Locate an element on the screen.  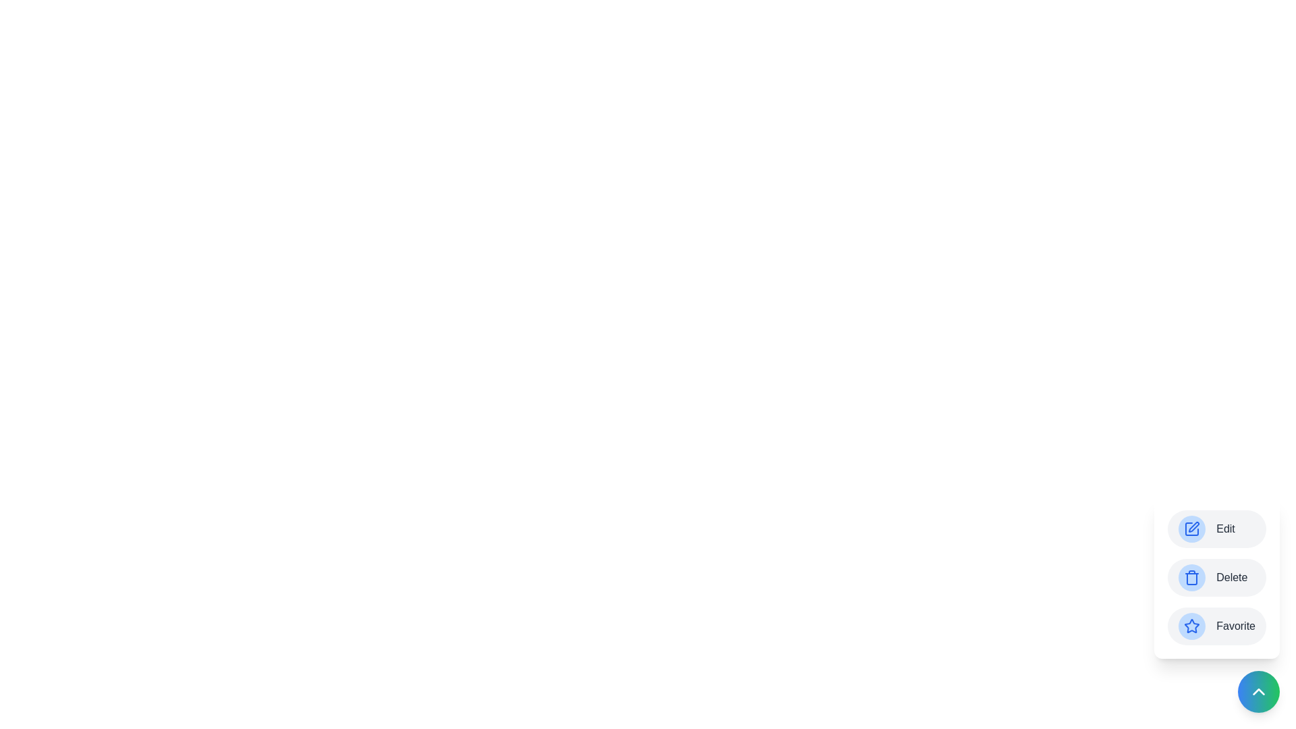
the 'Delete' button to trigger its action is located at coordinates (1217, 577).